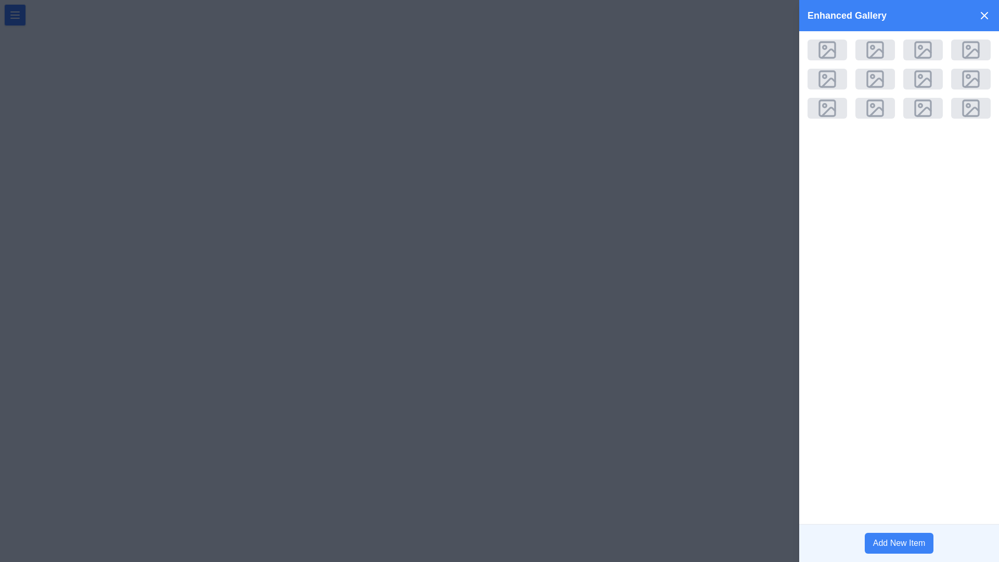 This screenshot has width=999, height=562. What do you see at coordinates (983, 16) in the screenshot?
I see `the small 'X' button on the far-right side of the blue header bar labeled 'Enhanced Gallery'` at bounding box center [983, 16].